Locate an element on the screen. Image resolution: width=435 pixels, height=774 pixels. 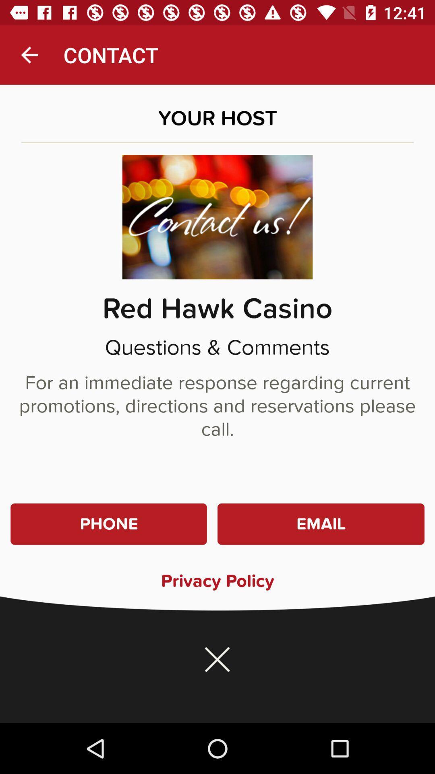
privacy policy icon is located at coordinates (217, 581).